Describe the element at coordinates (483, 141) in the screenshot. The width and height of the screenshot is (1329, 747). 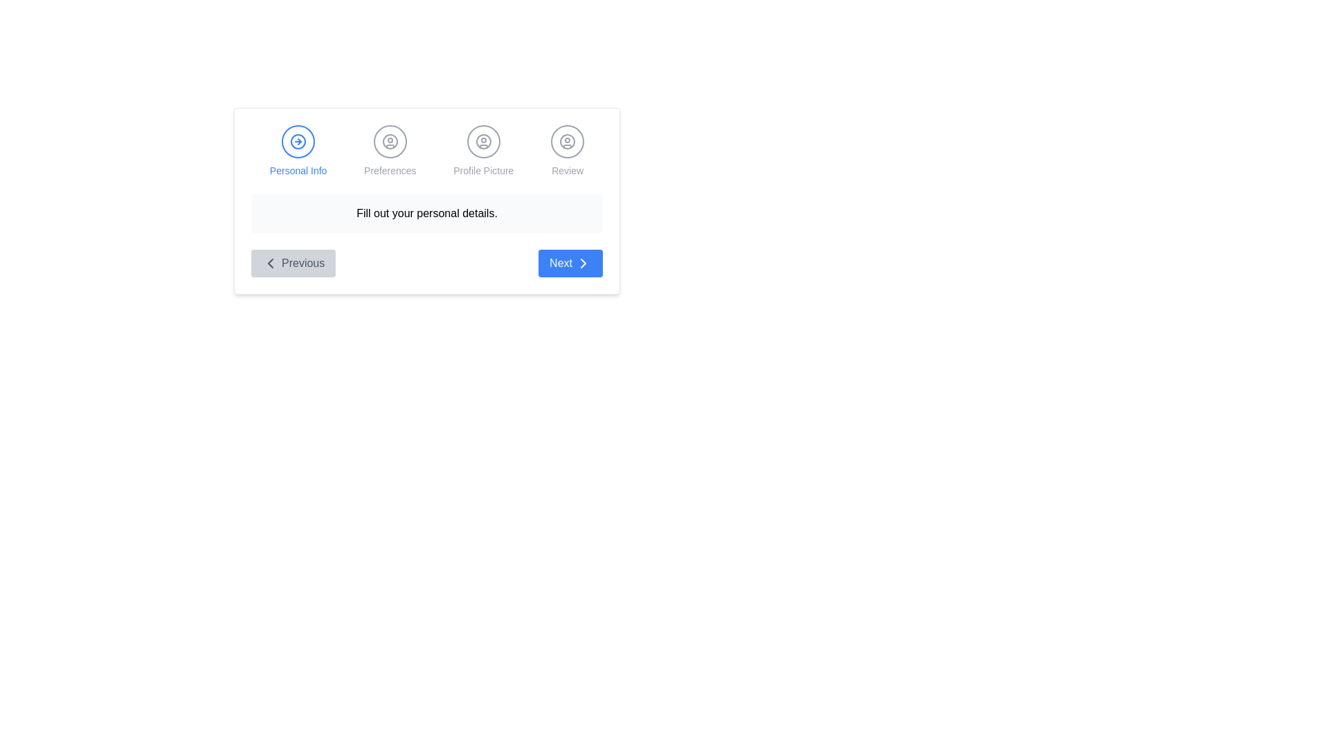
I see `the circular icon with a profile-like illustration inside, which serves as the 'Profile Picture' step in the navigation header` at that location.